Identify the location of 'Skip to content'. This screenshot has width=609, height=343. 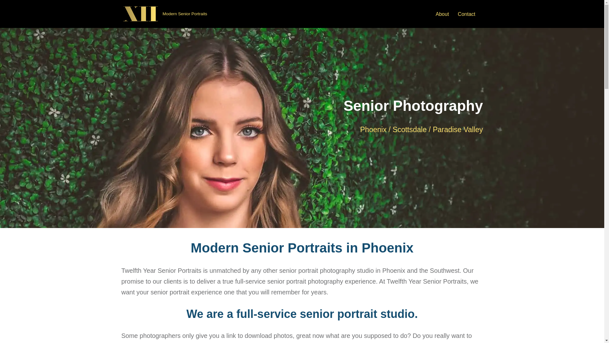
(4, 13).